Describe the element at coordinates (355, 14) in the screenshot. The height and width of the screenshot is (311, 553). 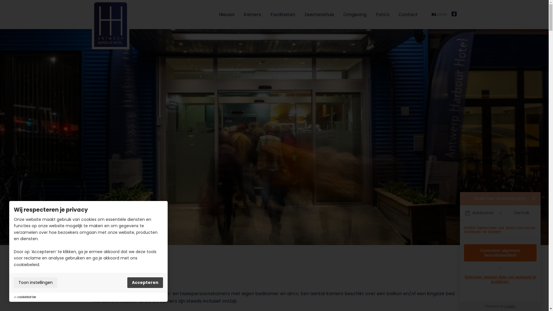
I see `'Omgeving'` at that location.